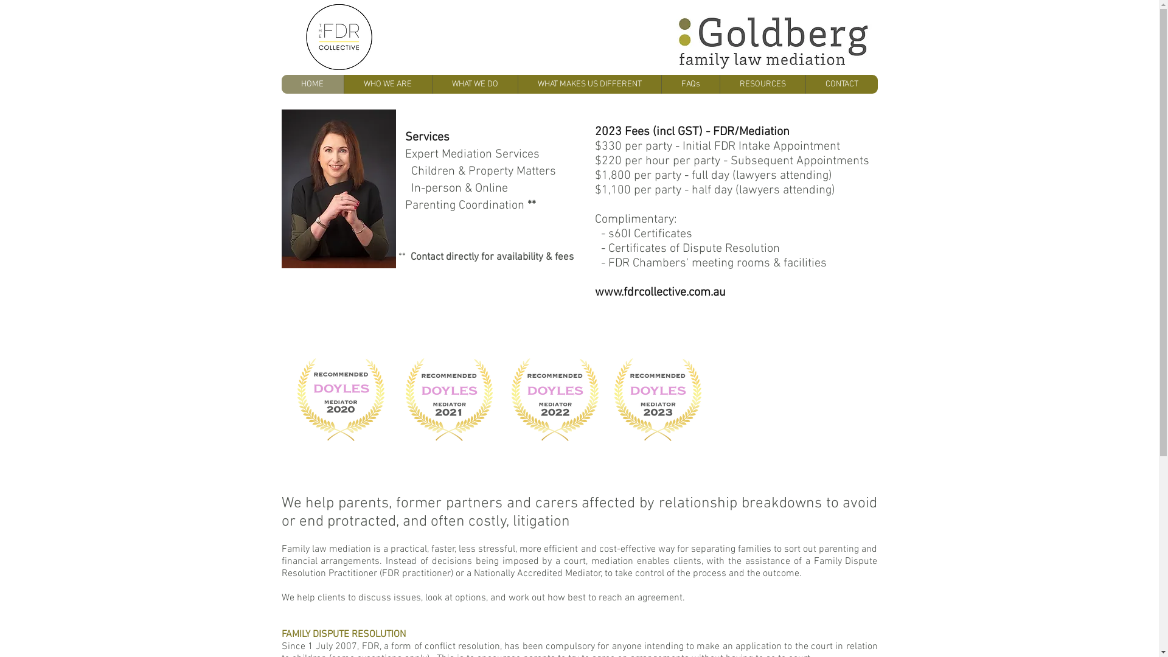  I want to click on 'CONTACT', so click(841, 83).